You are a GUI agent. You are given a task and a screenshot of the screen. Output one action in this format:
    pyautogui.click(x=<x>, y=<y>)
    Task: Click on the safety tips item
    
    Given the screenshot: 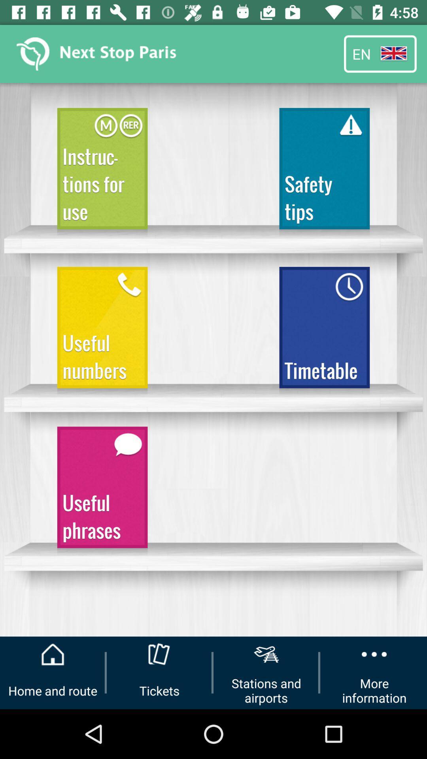 What is the action you would take?
    pyautogui.click(x=324, y=172)
    